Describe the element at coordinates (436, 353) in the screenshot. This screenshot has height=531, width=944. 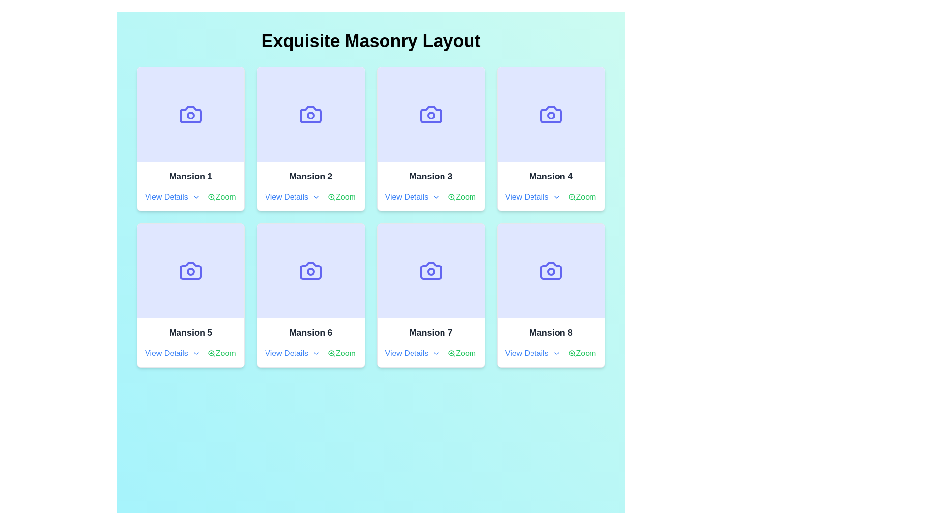
I see `the small downward-pointing chevron icon next to the 'View Details' text in the 'Mansion 7' card` at that location.